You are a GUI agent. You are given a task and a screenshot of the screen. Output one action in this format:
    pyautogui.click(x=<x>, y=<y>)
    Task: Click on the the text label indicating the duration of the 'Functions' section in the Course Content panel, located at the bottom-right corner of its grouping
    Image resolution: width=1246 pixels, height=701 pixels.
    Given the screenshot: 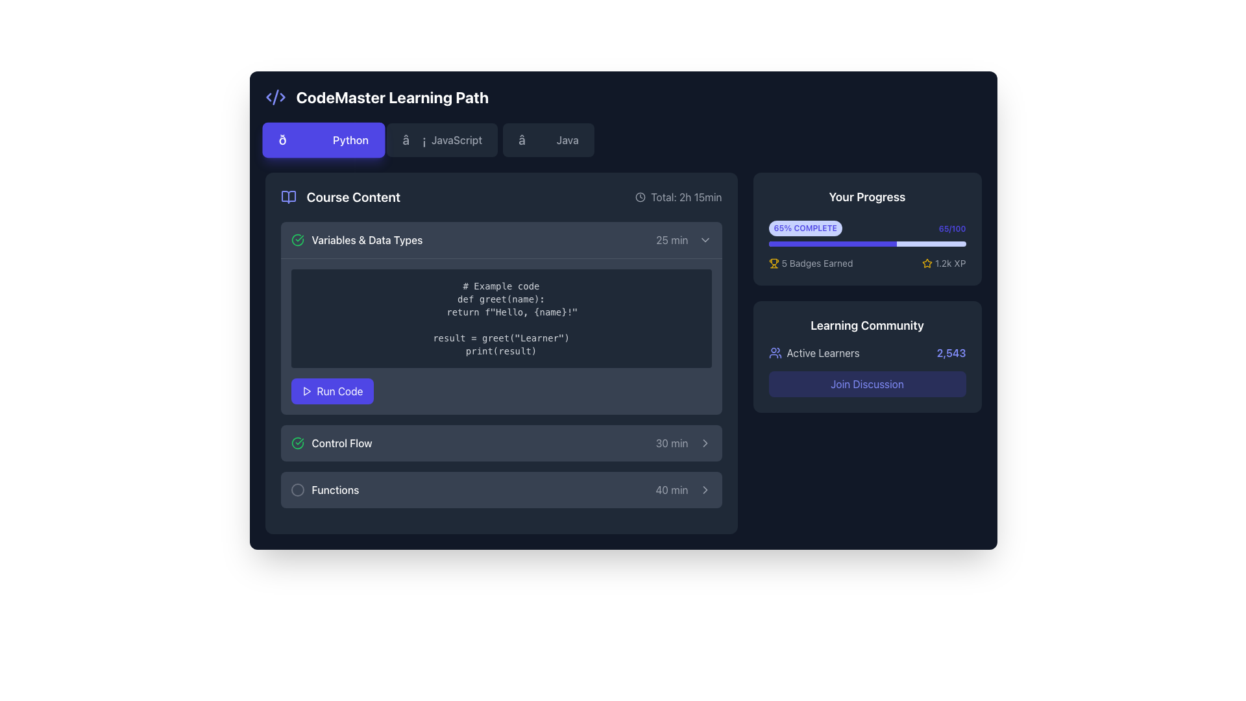 What is the action you would take?
    pyautogui.click(x=672, y=490)
    